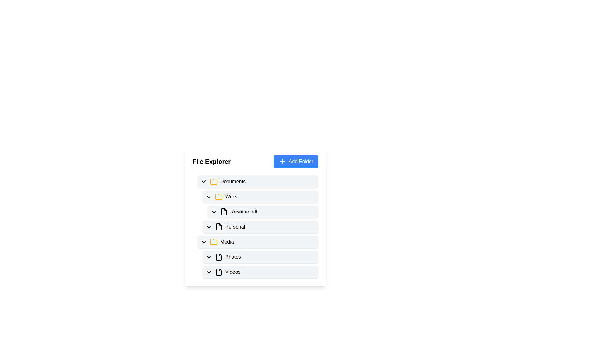 The height and width of the screenshot is (339, 604). I want to click on the '+' icon within the blue 'Add Folder' button located near the top-right corner of the interface, so click(282, 161).